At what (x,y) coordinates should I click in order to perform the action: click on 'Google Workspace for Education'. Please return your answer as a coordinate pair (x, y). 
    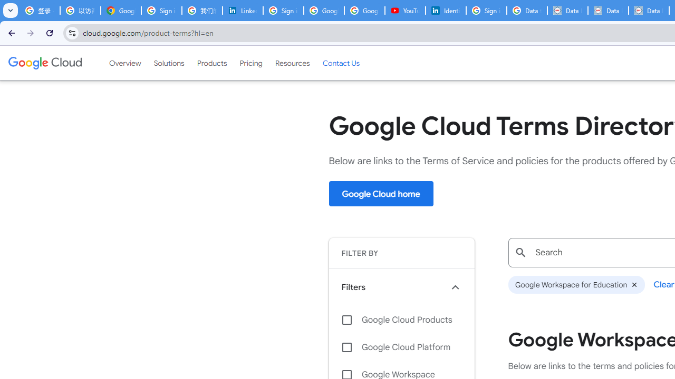
    Looking at the image, I should click on (575, 285).